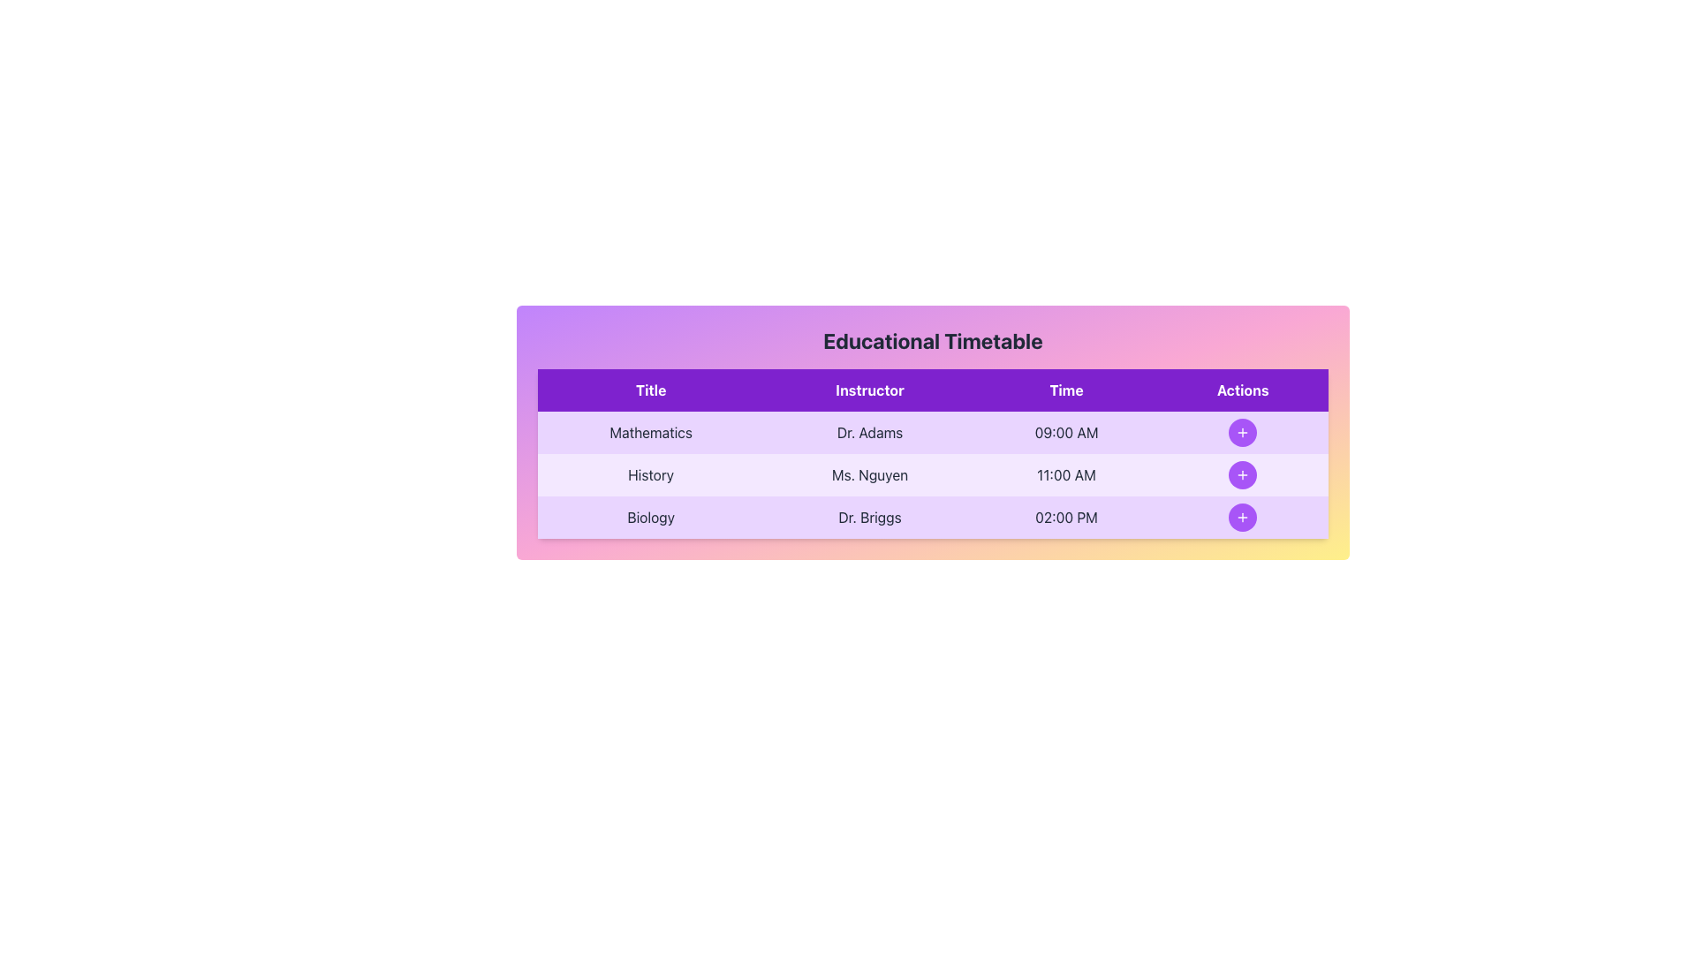  Describe the element at coordinates (1241, 432) in the screenshot. I see `the circular purple button with a white plus icon located in the 'Actions' column of the first row of the timetable` at that location.